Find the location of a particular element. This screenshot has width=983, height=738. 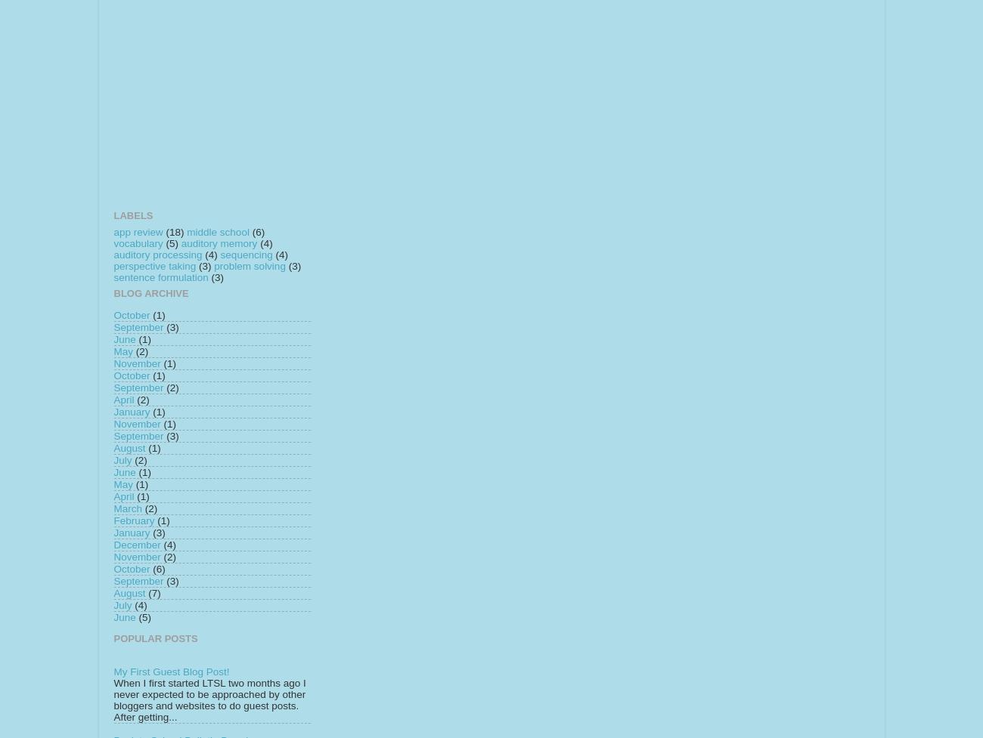

'March' is located at coordinates (113, 508).